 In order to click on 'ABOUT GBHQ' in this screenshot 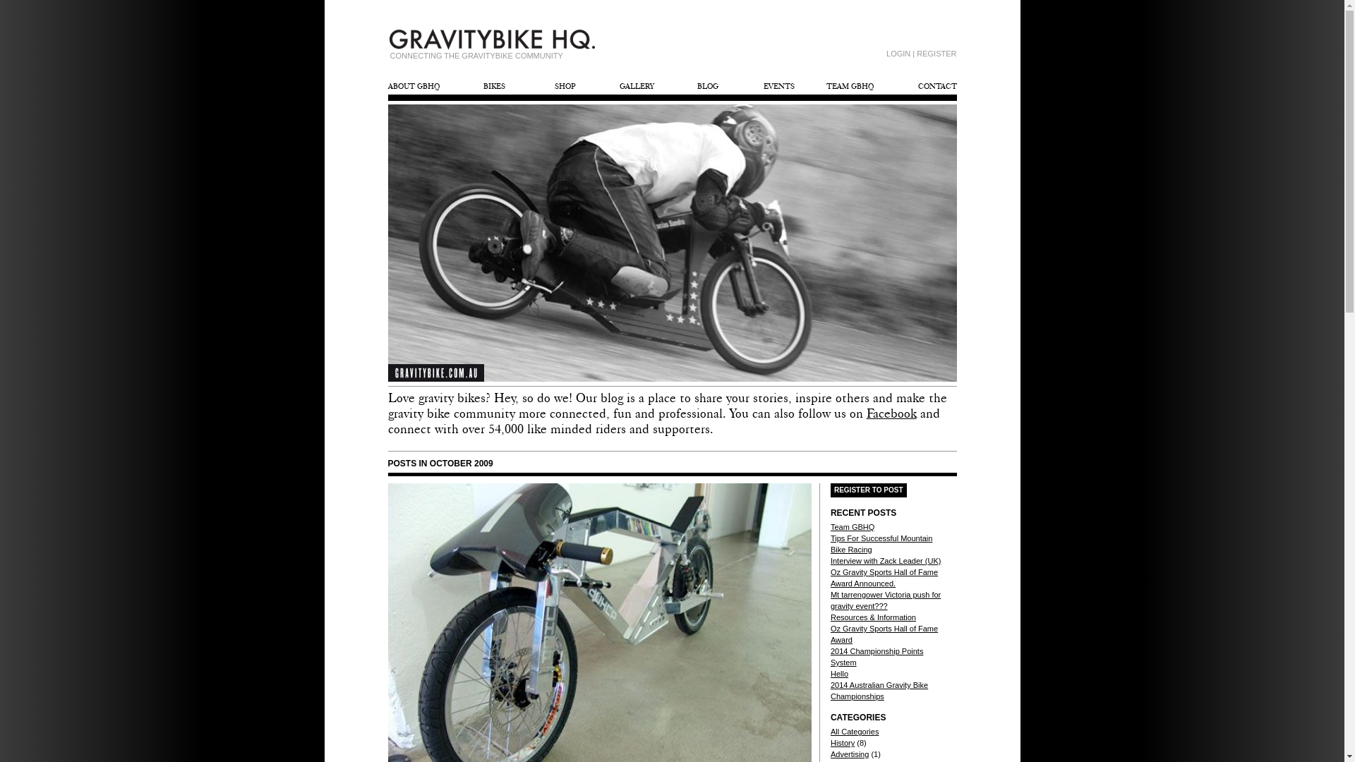, I will do `click(423, 86)`.